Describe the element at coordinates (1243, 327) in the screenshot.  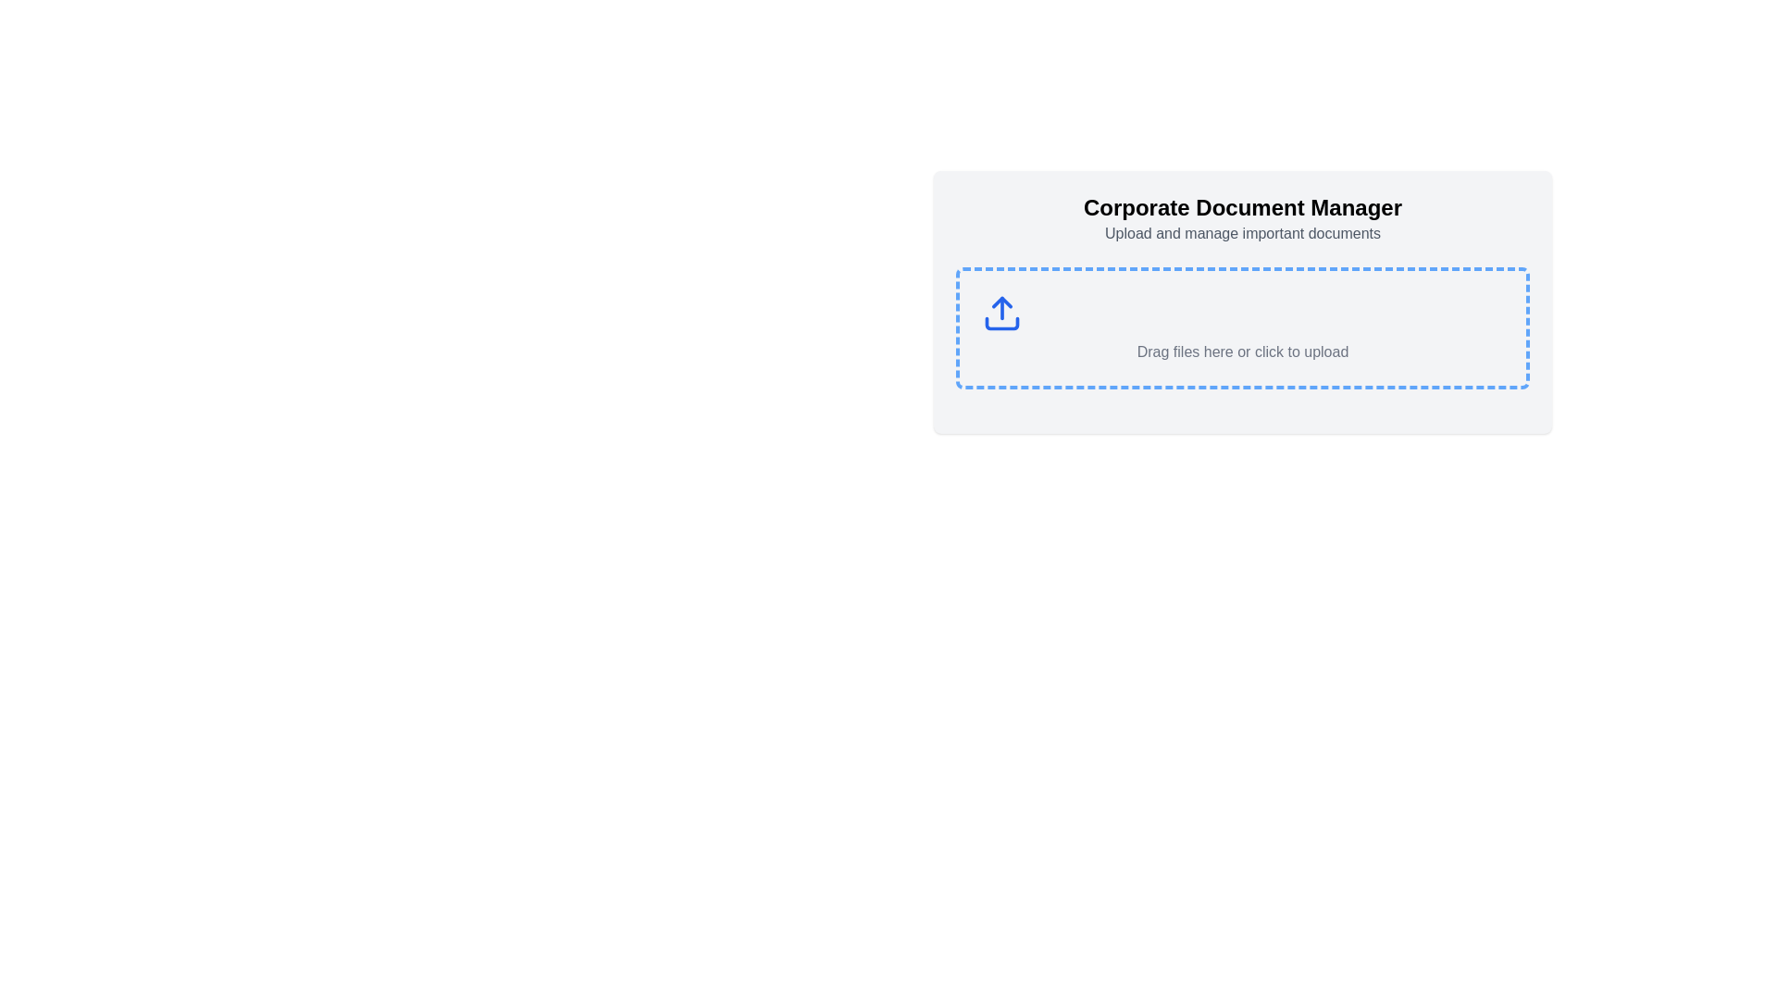
I see `the File upload drop area located centrally below the 'Corporate Document Manager' title` at that location.